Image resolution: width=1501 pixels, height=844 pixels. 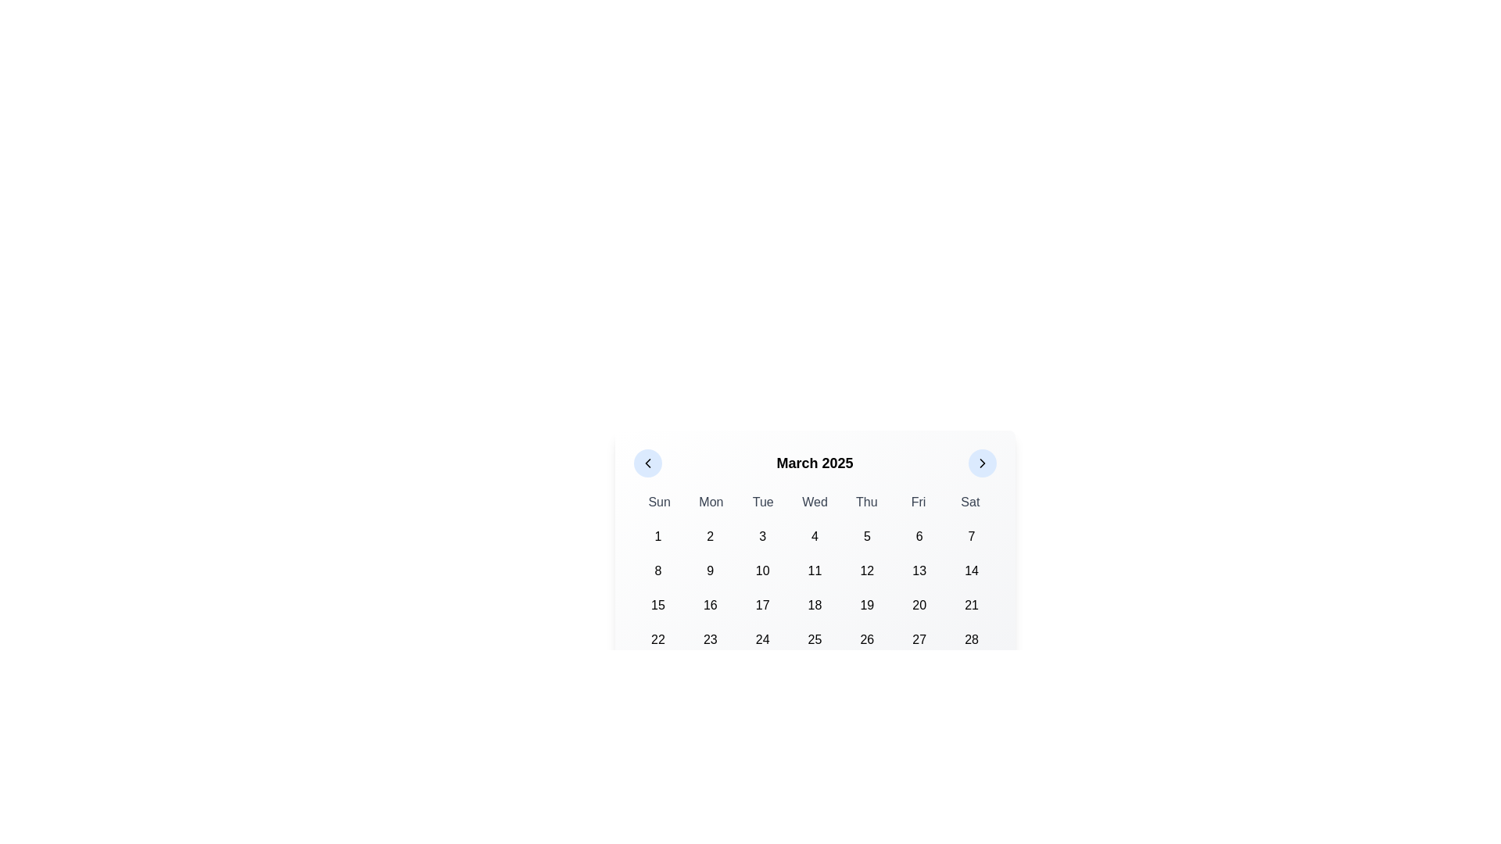 What do you see at coordinates (814, 571) in the screenshot?
I see `the button labeled '11' in the calendar grid, which is the eleventh button in the layout` at bounding box center [814, 571].